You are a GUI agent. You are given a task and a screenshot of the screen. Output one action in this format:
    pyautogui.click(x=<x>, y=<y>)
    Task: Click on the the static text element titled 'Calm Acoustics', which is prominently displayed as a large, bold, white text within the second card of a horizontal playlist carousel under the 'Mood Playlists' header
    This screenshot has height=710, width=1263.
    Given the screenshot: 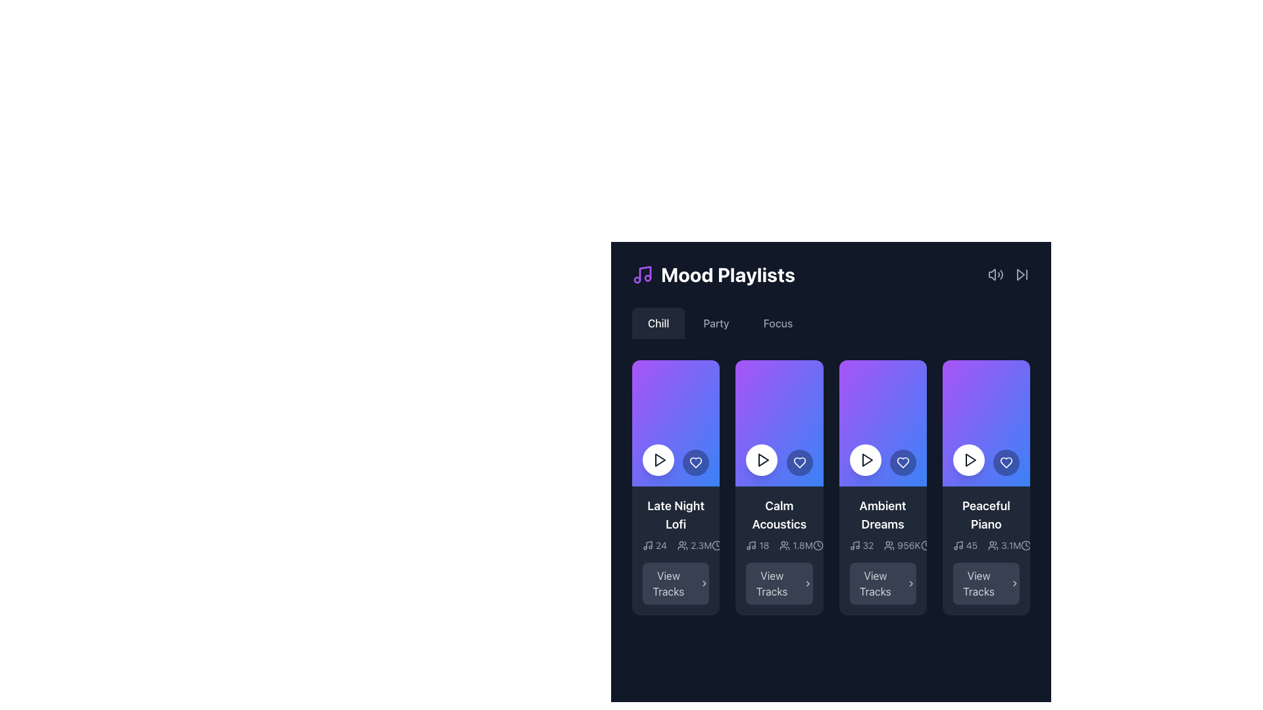 What is the action you would take?
    pyautogui.click(x=779, y=514)
    